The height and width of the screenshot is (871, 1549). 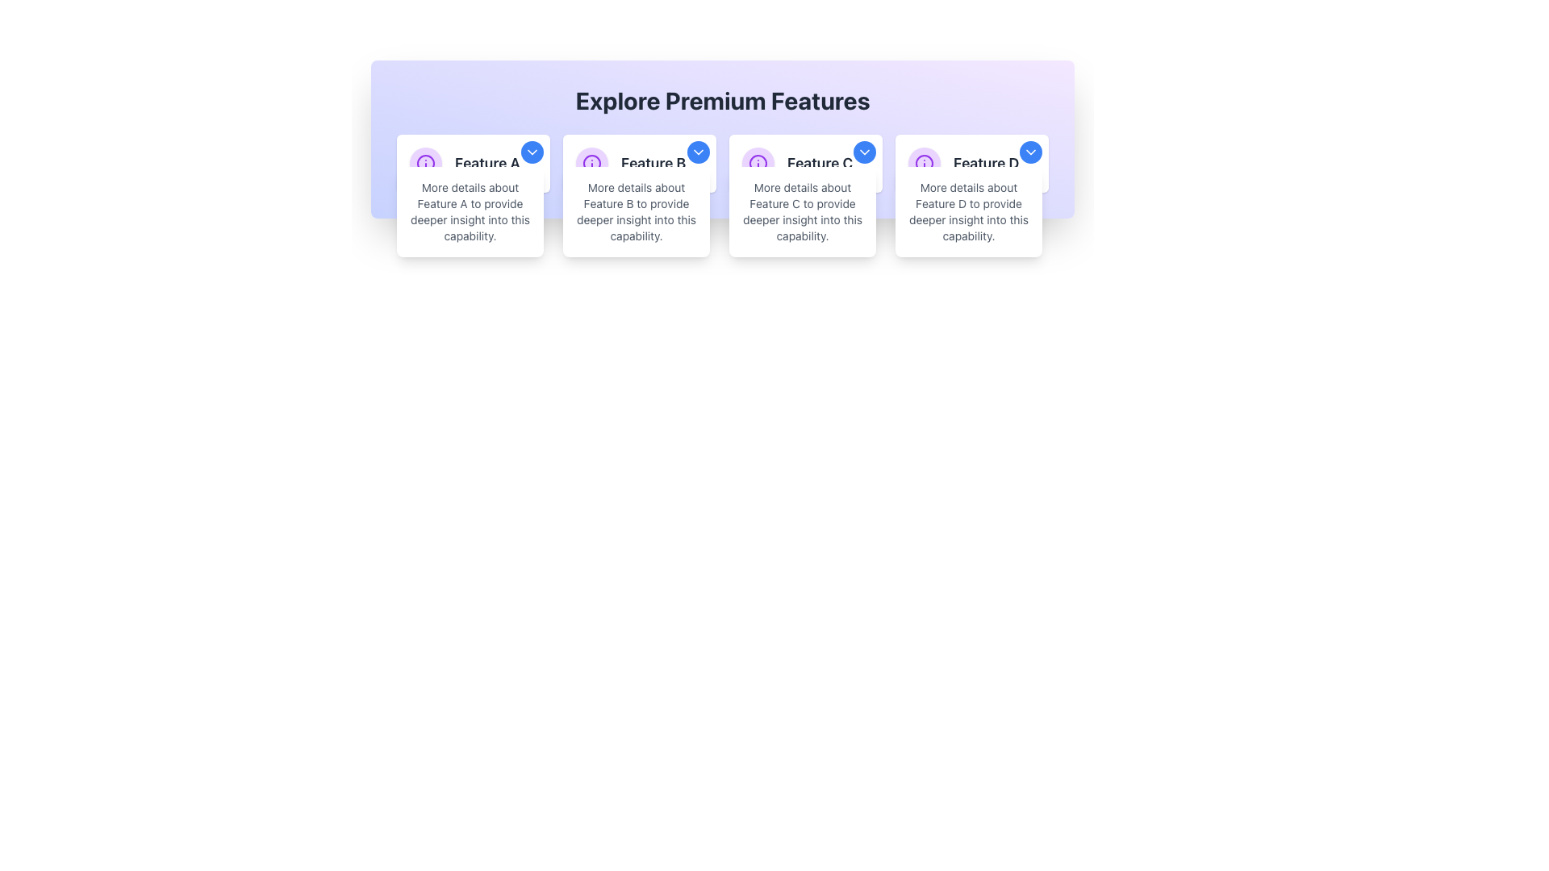 What do you see at coordinates (1029, 152) in the screenshot?
I see `the smaller circular button with a blue background and white downward-facing chevron icon located at the top-right corner of the card labeled 'Feature D'` at bounding box center [1029, 152].